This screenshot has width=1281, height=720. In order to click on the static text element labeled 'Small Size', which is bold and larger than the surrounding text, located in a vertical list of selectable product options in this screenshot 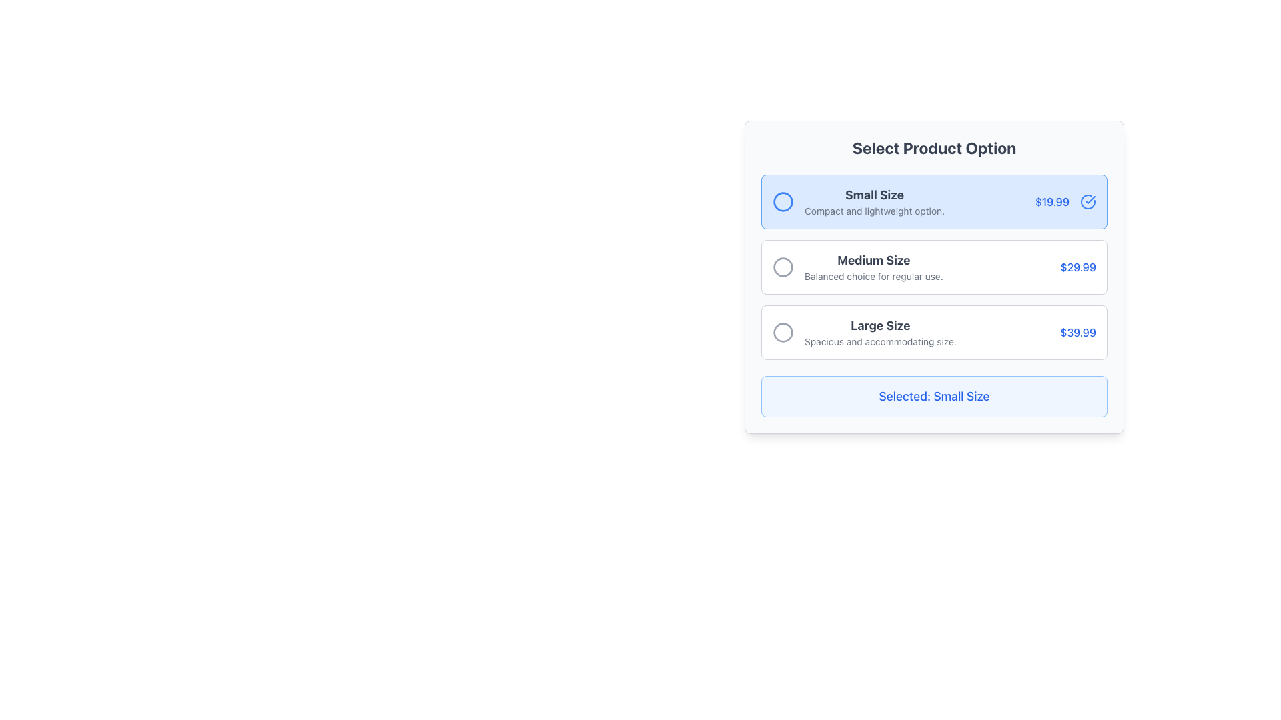, I will do `click(874, 195)`.